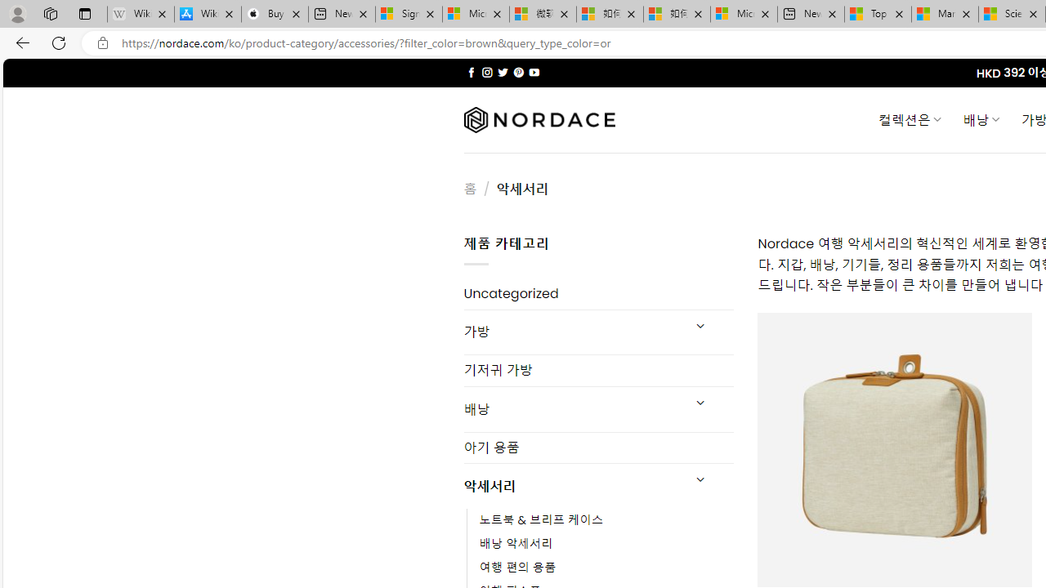  I want to click on 'Microsoft account | Account Checkup', so click(743, 14).